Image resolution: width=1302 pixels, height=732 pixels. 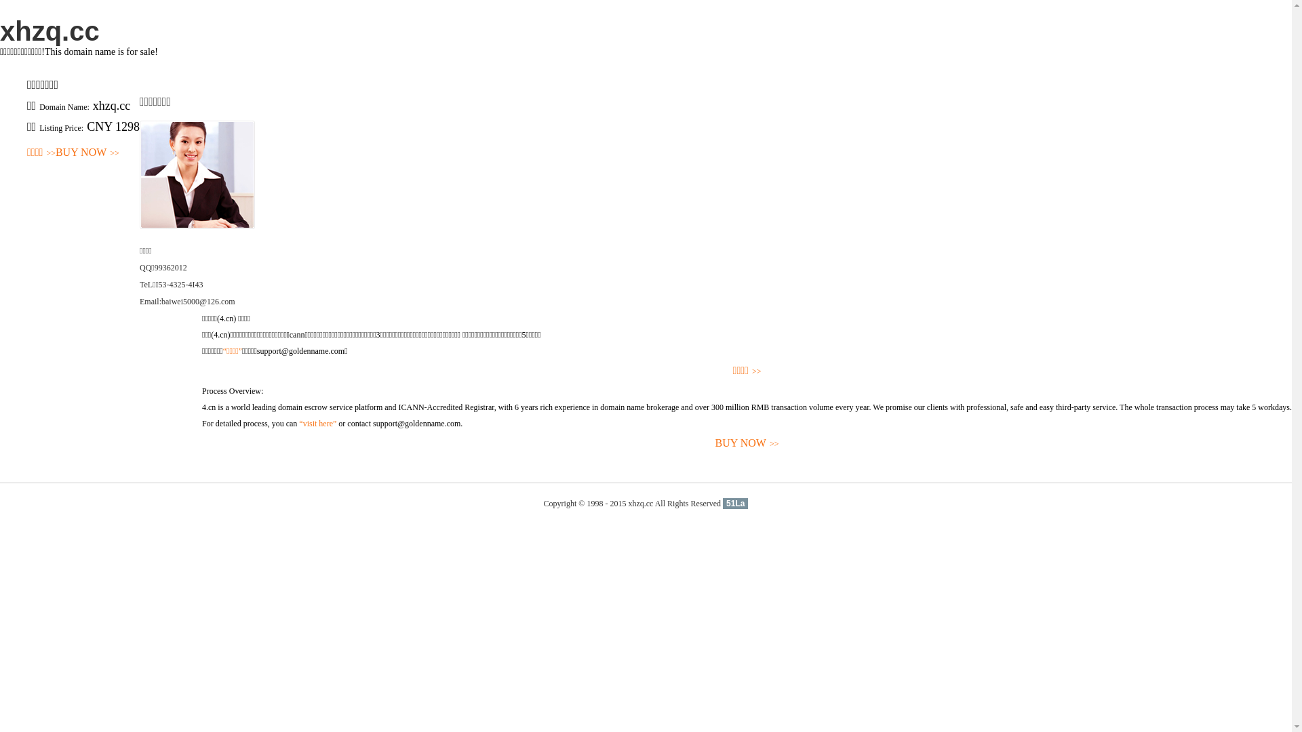 I want to click on '51La', so click(x=734, y=504).